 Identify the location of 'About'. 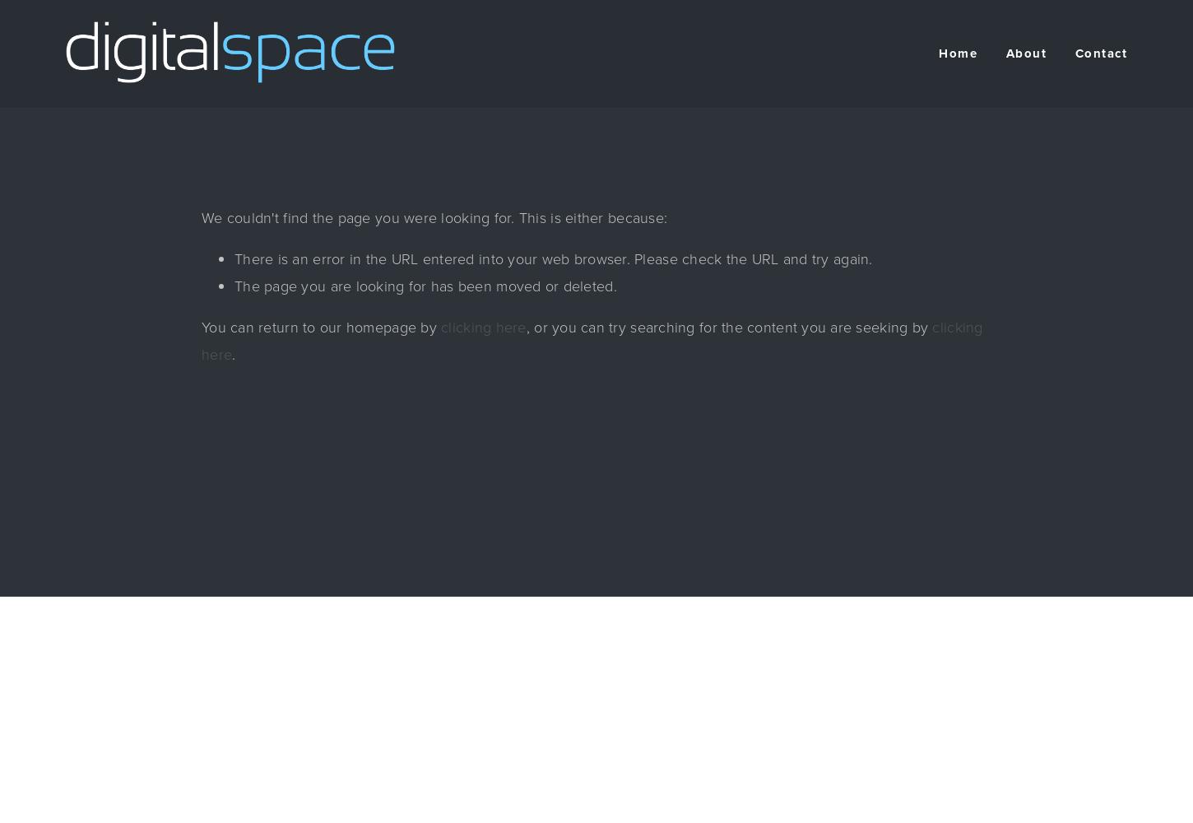
(1005, 53).